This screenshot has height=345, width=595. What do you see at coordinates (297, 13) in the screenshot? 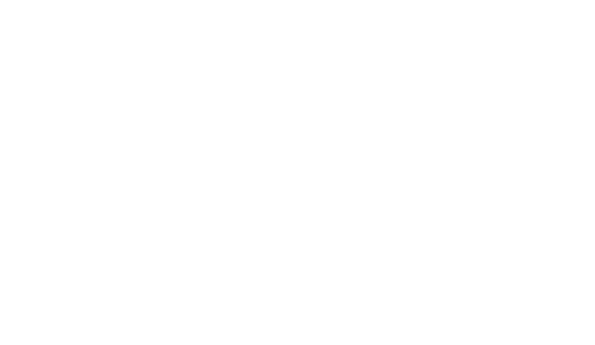
I see `'Spotted par ClementineC'` at bounding box center [297, 13].